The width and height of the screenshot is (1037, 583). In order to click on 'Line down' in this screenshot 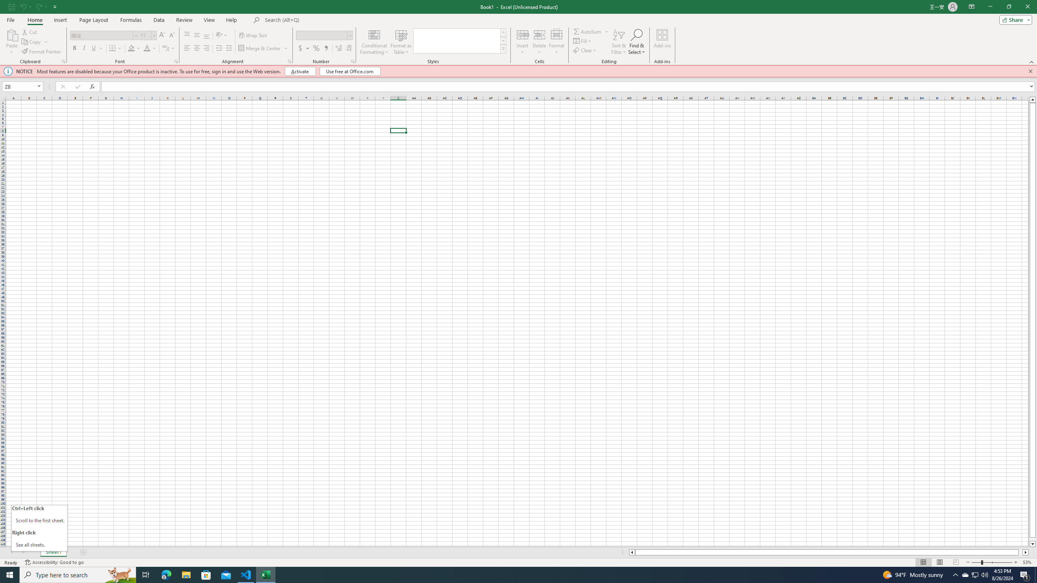, I will do `click(1032, 544)`.